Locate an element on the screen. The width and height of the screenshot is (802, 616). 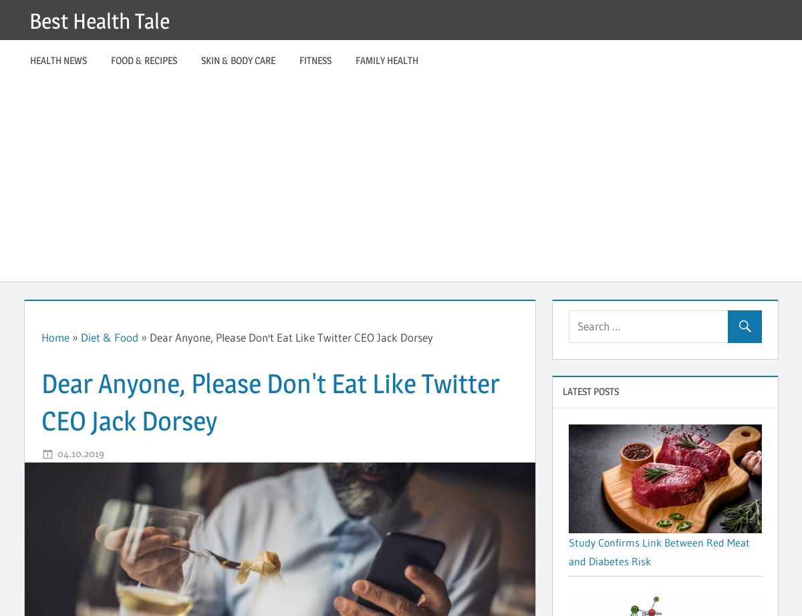
'Best Health Tale' is located at coordinates (29, 21).